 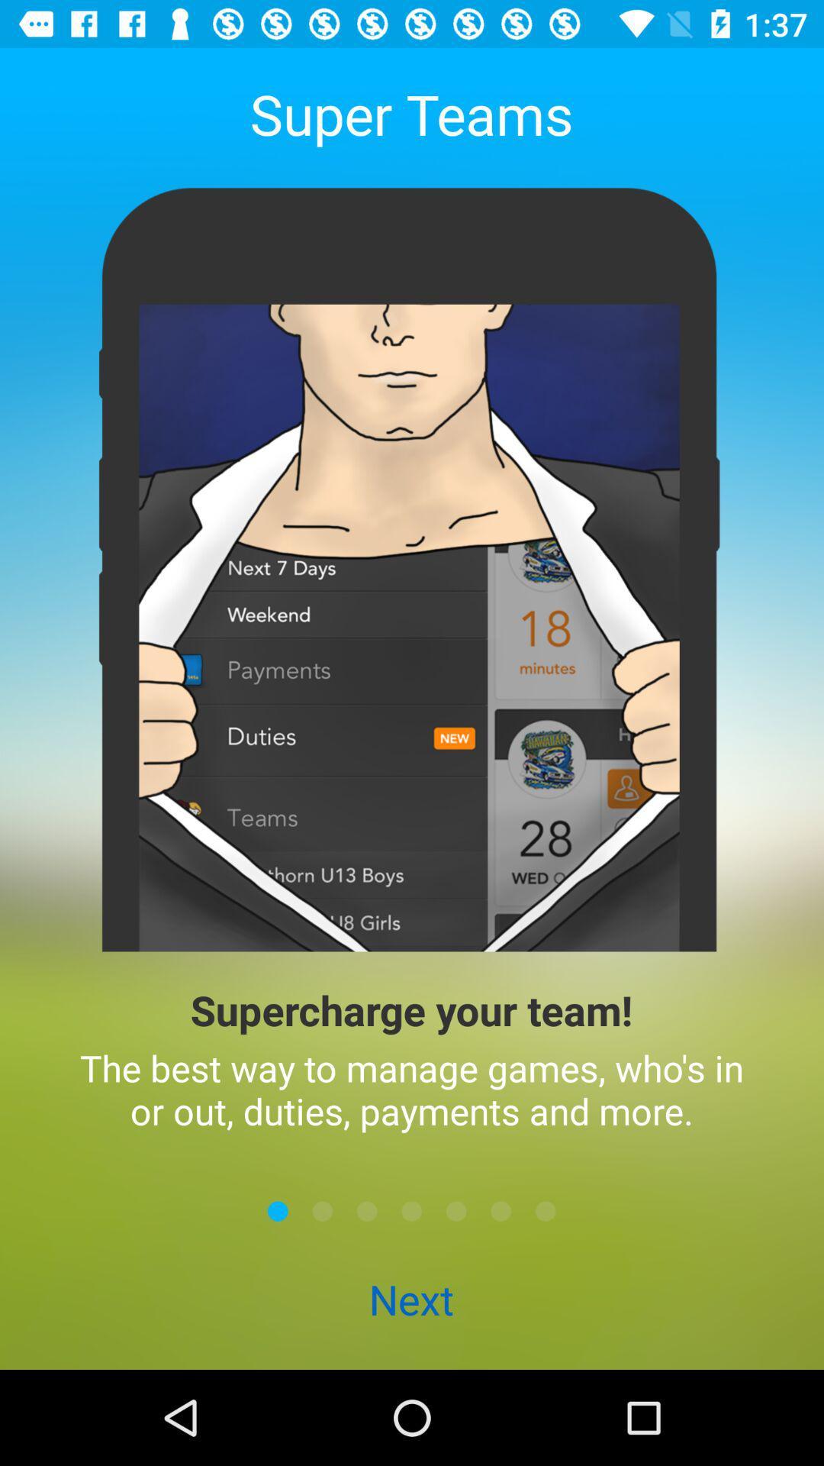 What do you see at coordinates (412, 1210) in the screenshot?
I see `next scren` at bounding box center [412, 1210].